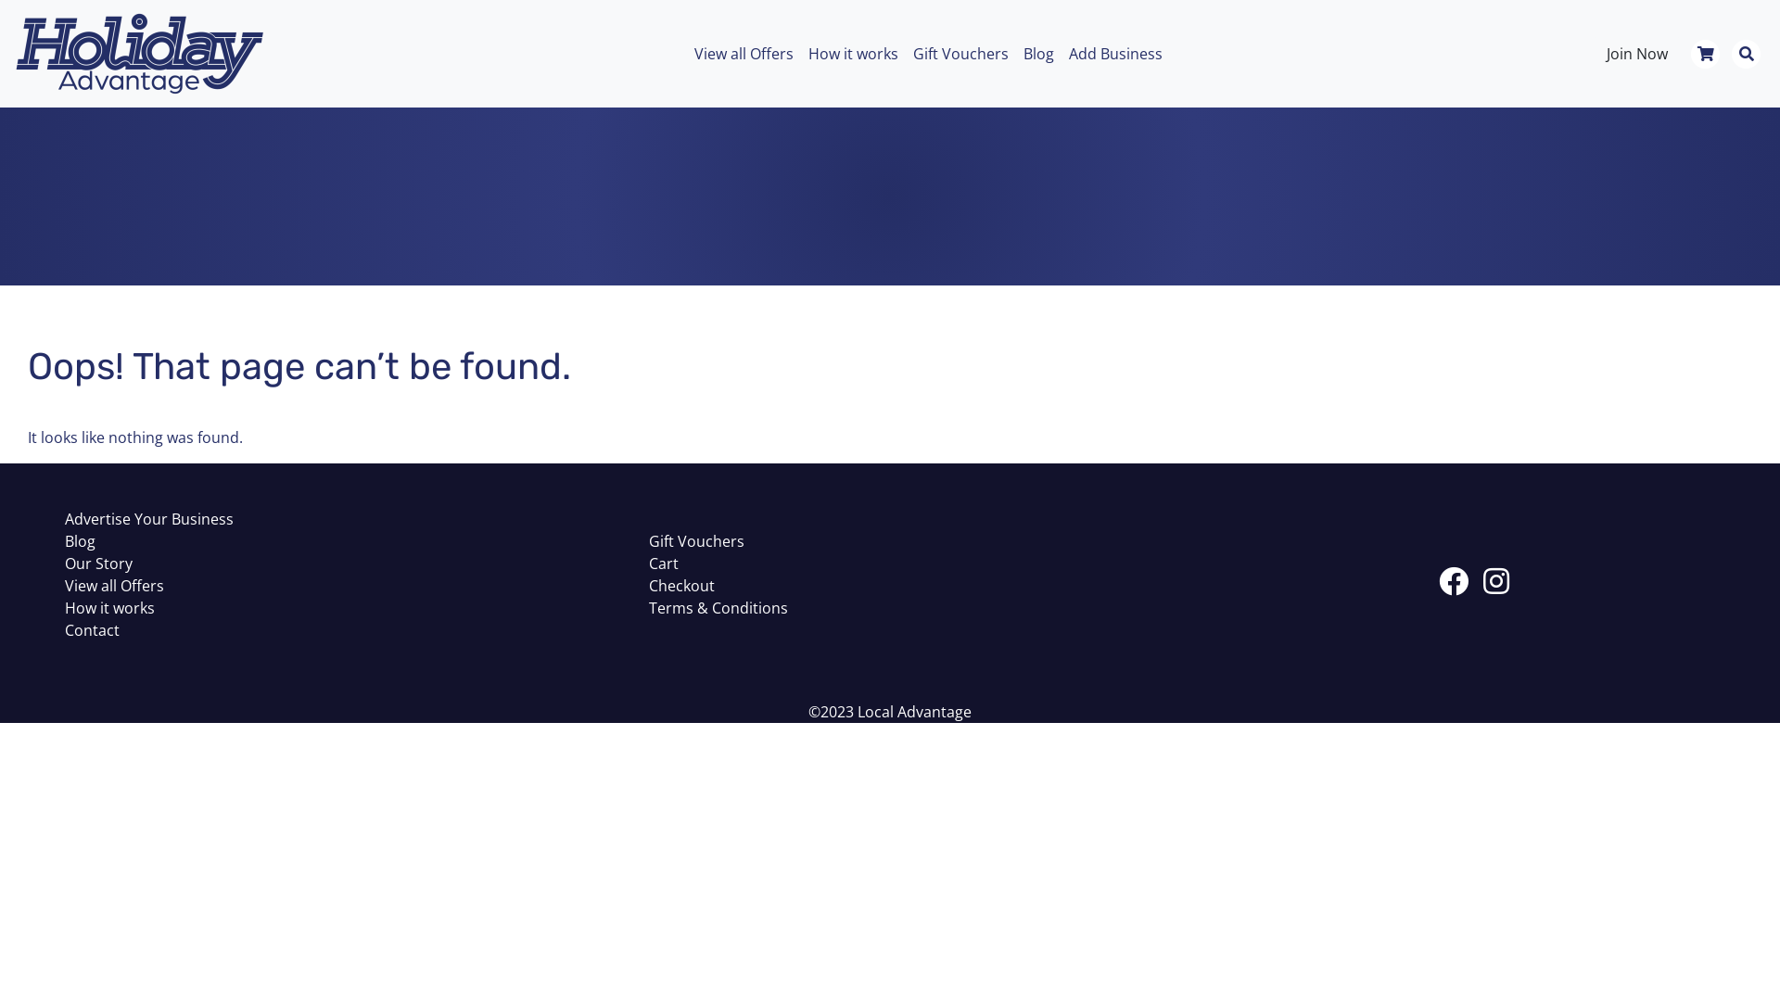  Describe the element at coordinates (1637, 52) in the screenshot. I see `'Join Now'` at that location.